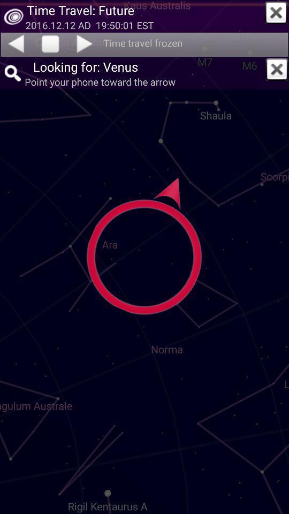 The width and height of the screenshot is (289, 514). What do you see at coordinates (276, 12) in the screenshot?
I see `notification` at bounding box center [276, 12].